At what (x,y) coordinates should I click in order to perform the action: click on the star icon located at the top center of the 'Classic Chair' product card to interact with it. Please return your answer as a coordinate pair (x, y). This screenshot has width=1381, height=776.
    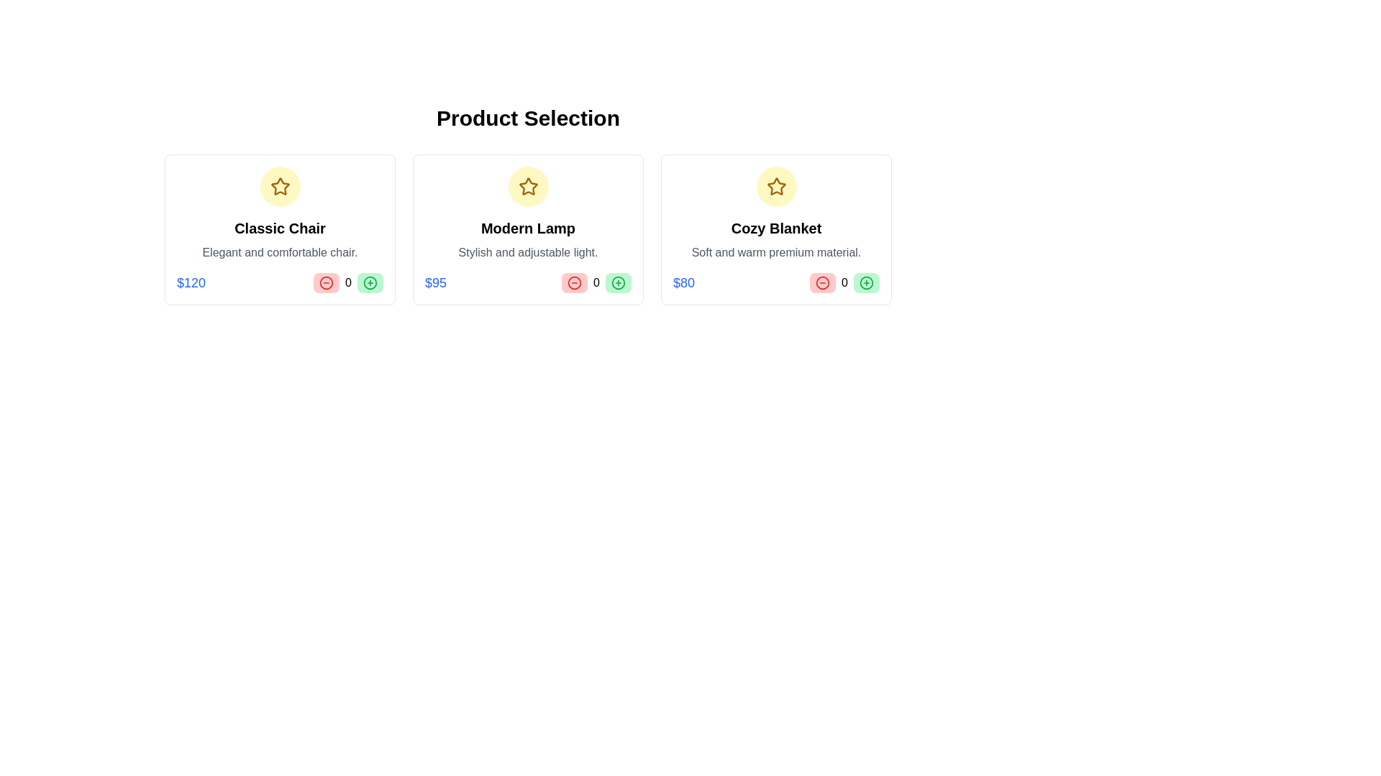
    Looking at the image, I should click on (280, 185).